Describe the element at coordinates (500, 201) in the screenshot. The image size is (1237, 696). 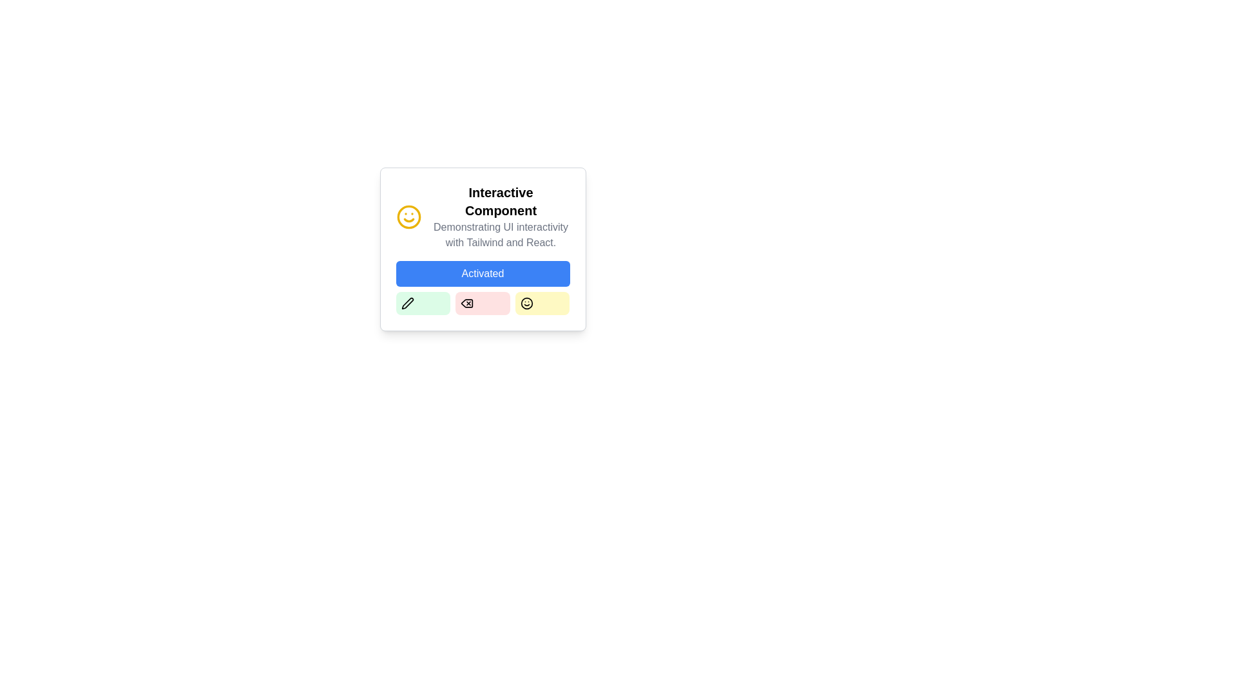
I see `the text label displaying 'Interactive Component', which is styled in bold and enlarged font, located at the top center of the card interface` at that location.